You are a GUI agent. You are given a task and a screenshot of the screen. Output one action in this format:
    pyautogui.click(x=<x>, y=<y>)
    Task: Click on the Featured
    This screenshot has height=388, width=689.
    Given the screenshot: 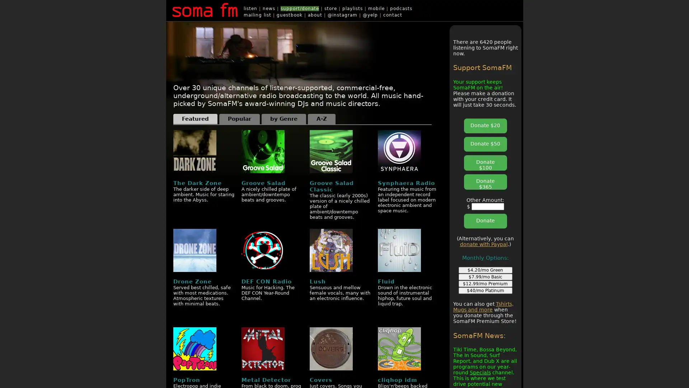 What is the action you would take?
    pyautogui.click(x=195, y=119)
    